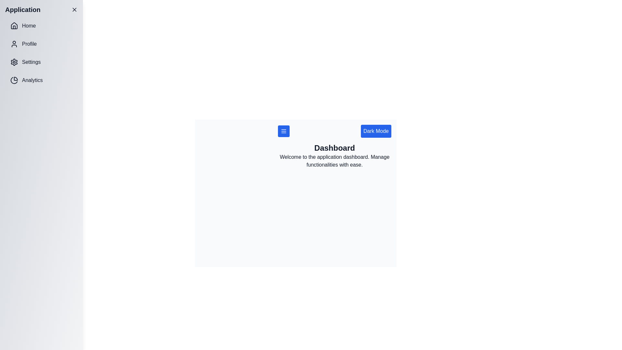  I want to click on the gear-shaped icon representing settings in the vertical navigation menu, located next to the 'Settings' label, so click(14, 62).